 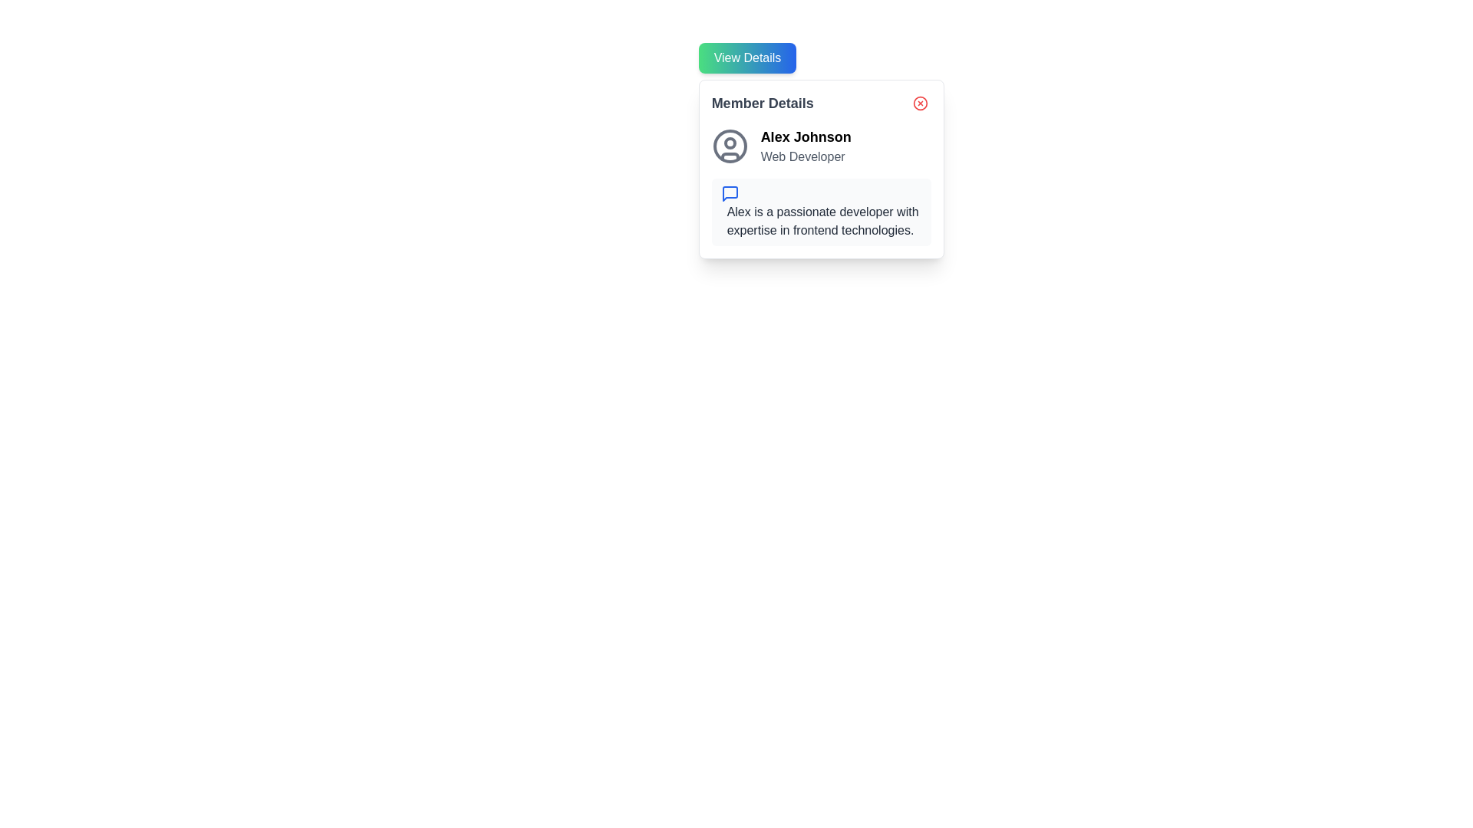 What do you see at coordinates (729, 146) in the screenshot?
I see `the user profile icon located on the left side of the profile section, which contains the text 'Alex Johnson' and 'Web Developer'` at bounding box center [729, 146].